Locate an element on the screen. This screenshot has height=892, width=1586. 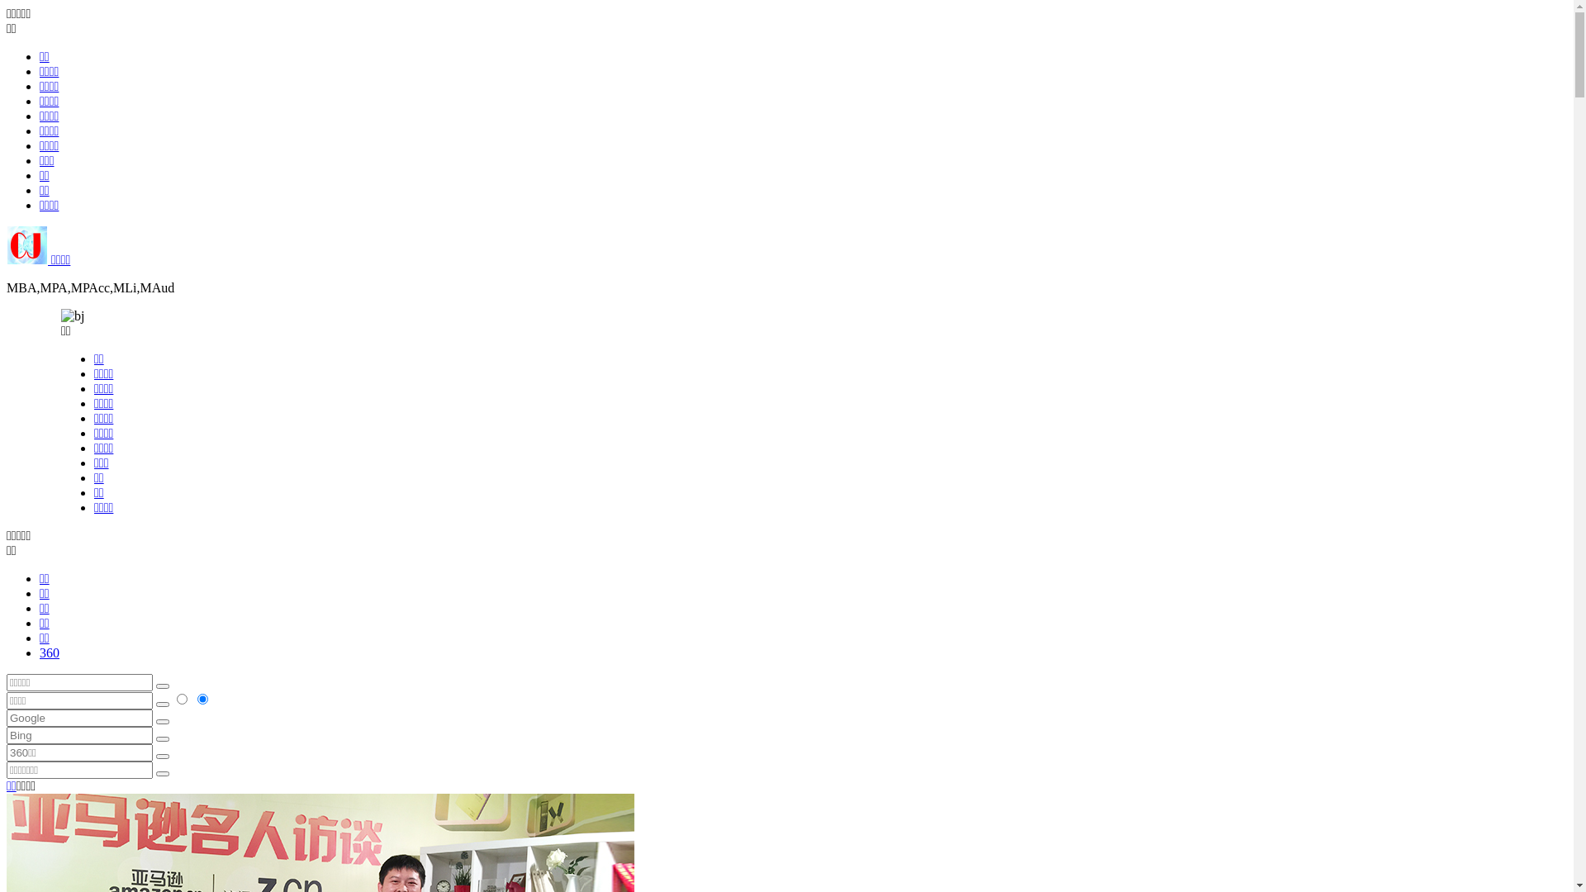
'360' is located at coordinates (49, 652).